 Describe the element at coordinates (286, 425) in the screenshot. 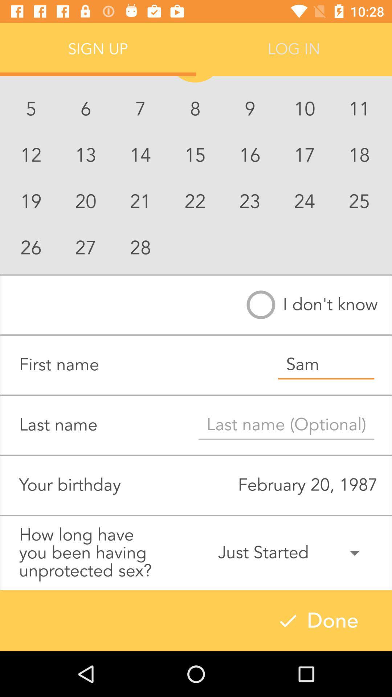

I see `the text in last name field` at that location.